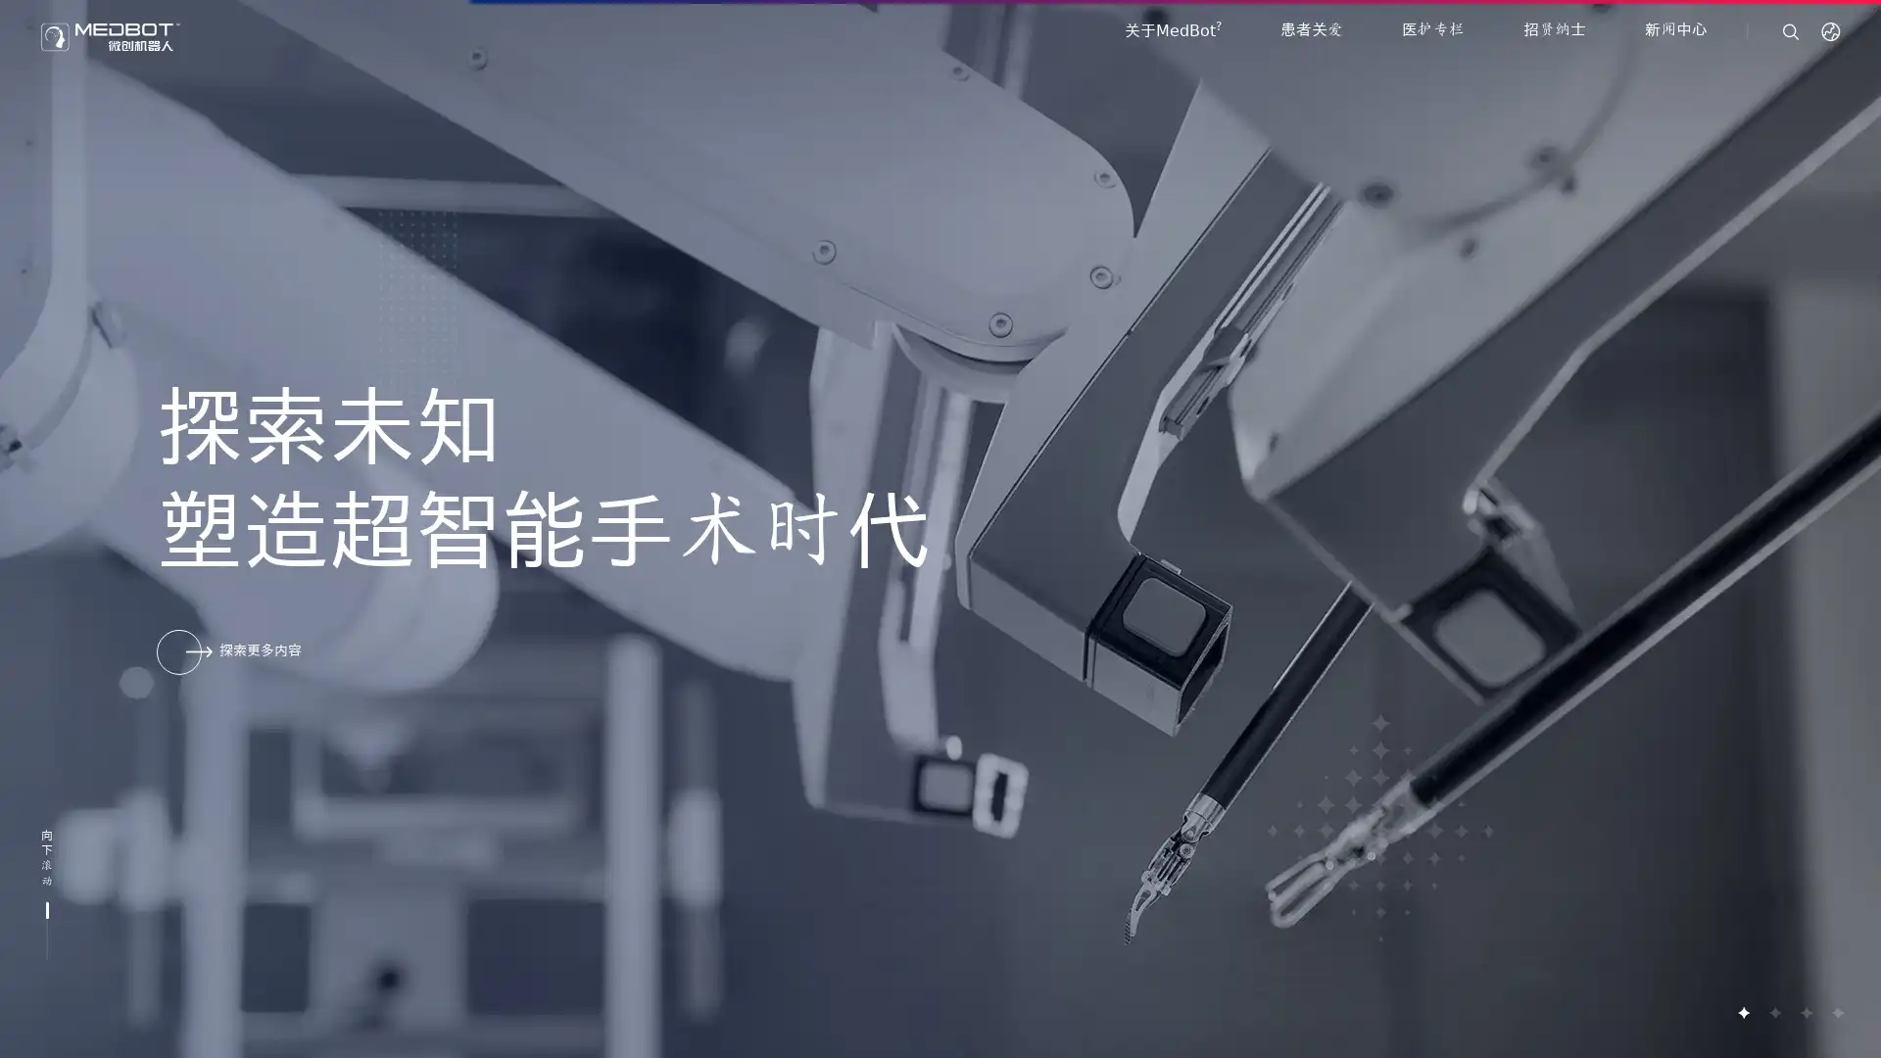  What do you see at coordinates (1805, 1012) in the screenshot?
I see `Go to slide 3` at bounding box center [1805, 1012].